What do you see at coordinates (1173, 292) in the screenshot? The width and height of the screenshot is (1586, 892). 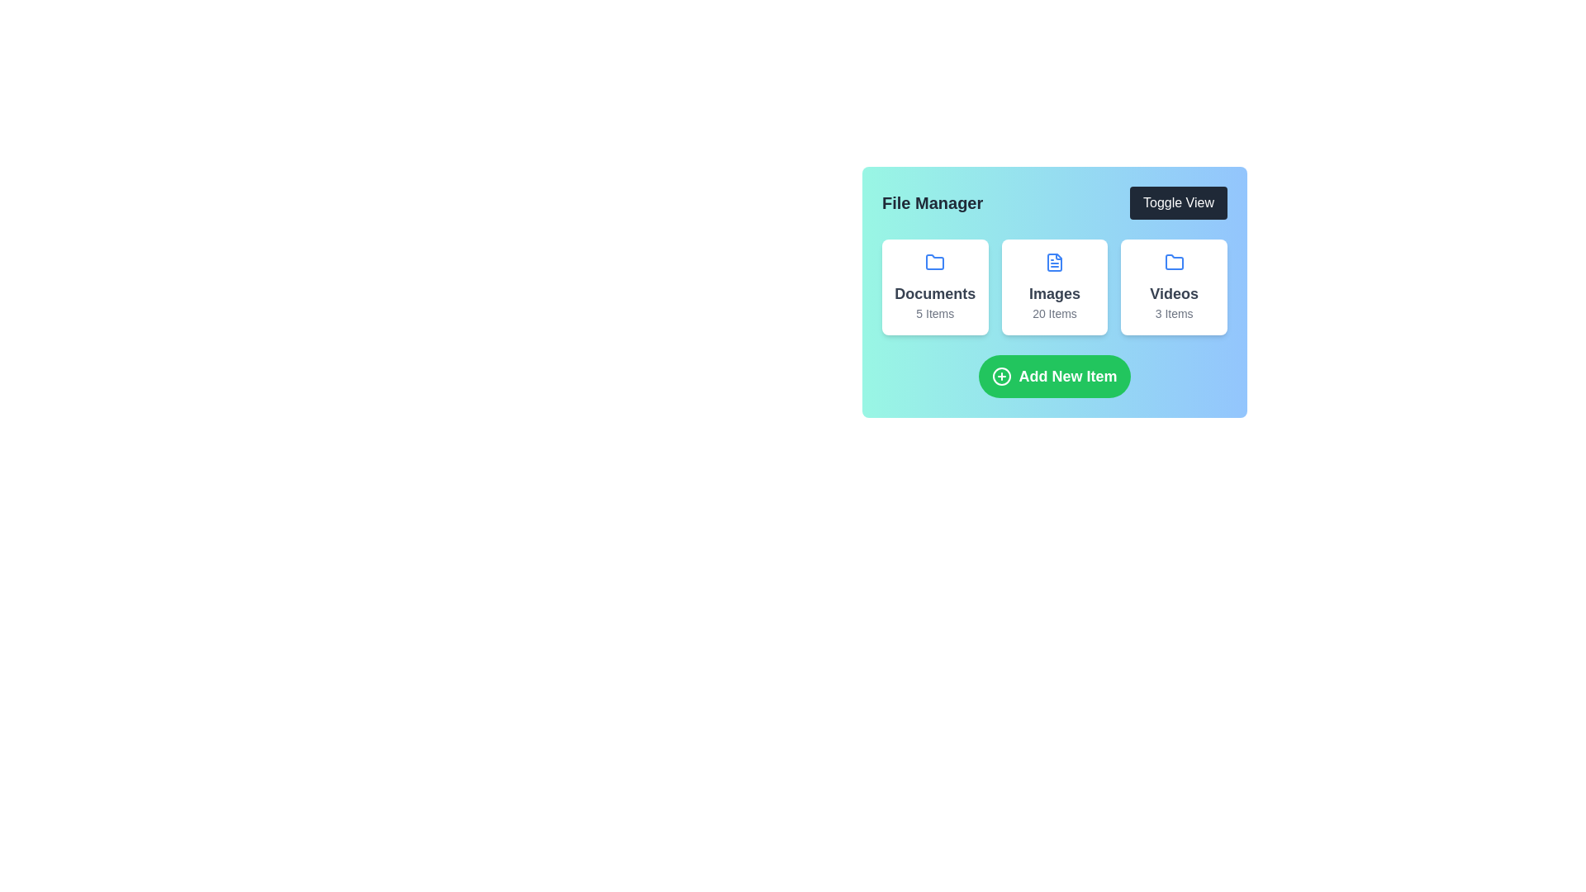 I see `the 'Videos' text label, which is part of the card layout on the right side of the interface, displayed in bold, large dark gray font, positioned below the folder icon and above the description '3 Items'` at bounding box center [1173, 292].